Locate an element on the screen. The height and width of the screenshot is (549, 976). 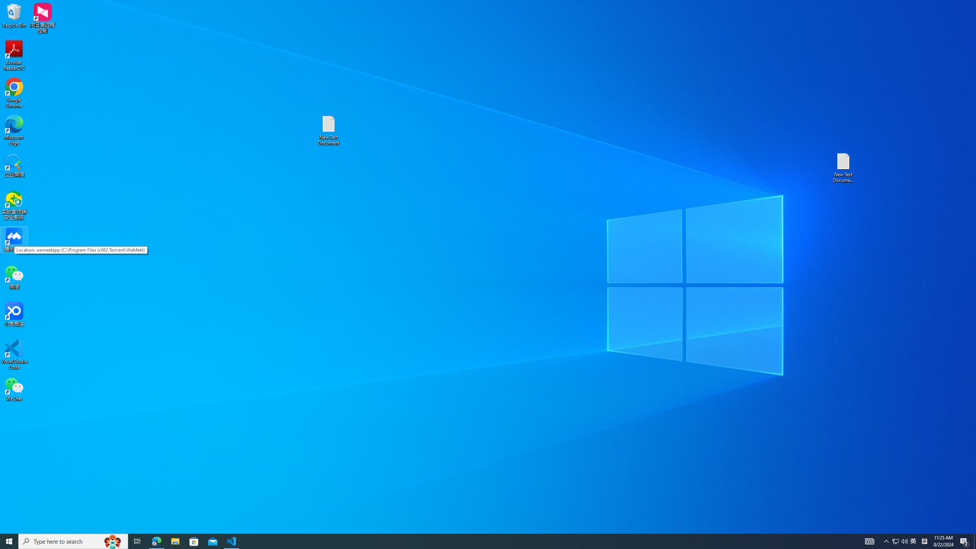
'Show desktop' is located at coordinates (974, 541).